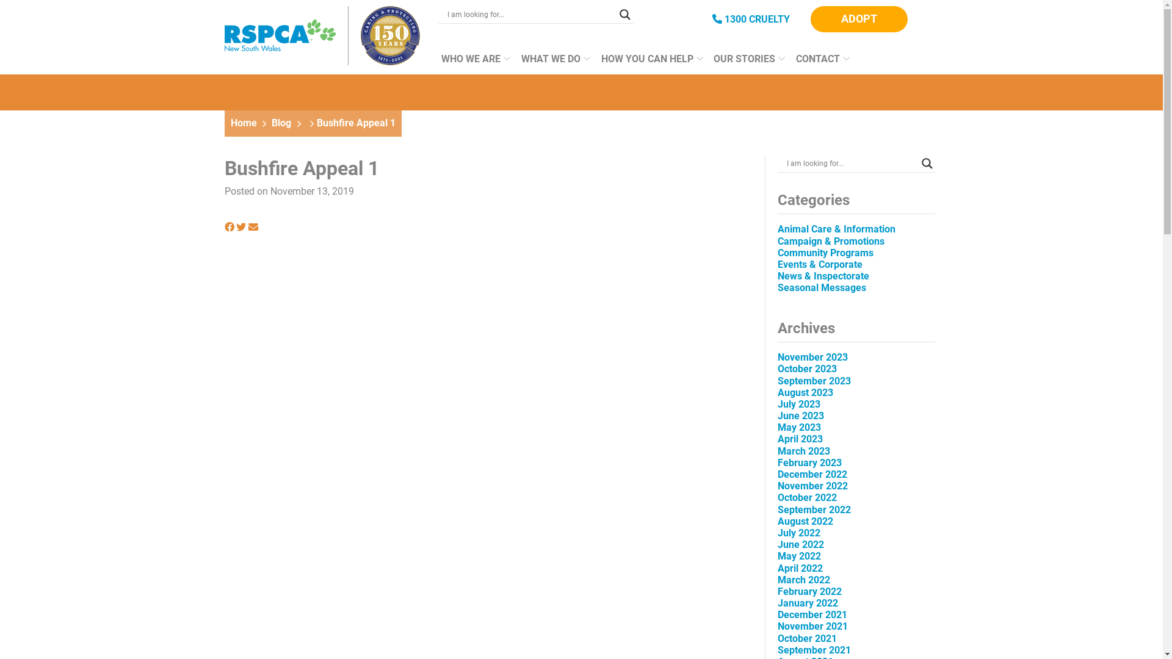 The image size is (1172, 659). What do you see at coordinates (776, 649) in the screenshot?
I see `'September 2021'` at bounding box center [776, 649].